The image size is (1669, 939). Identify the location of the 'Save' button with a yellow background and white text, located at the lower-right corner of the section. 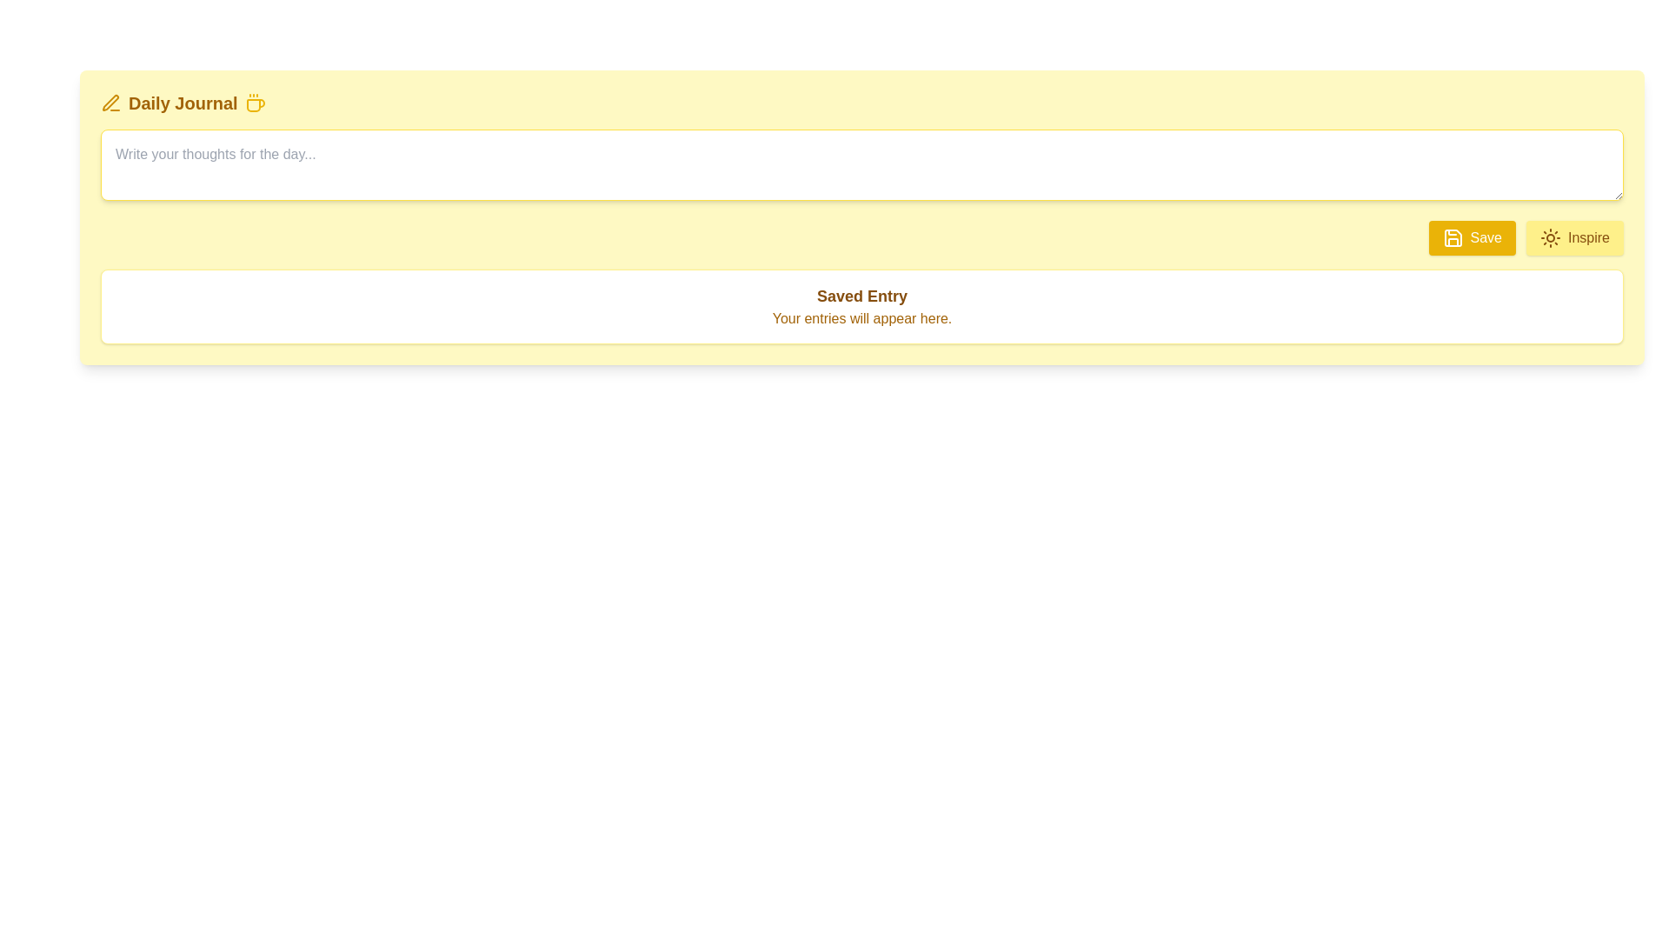
(1471, 237).